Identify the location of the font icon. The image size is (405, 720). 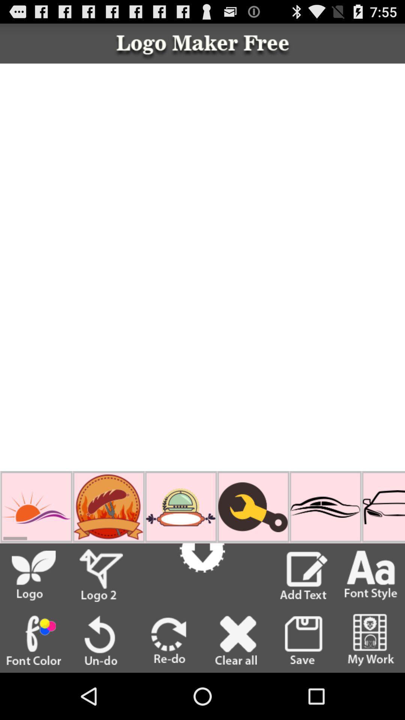
(370, 616).